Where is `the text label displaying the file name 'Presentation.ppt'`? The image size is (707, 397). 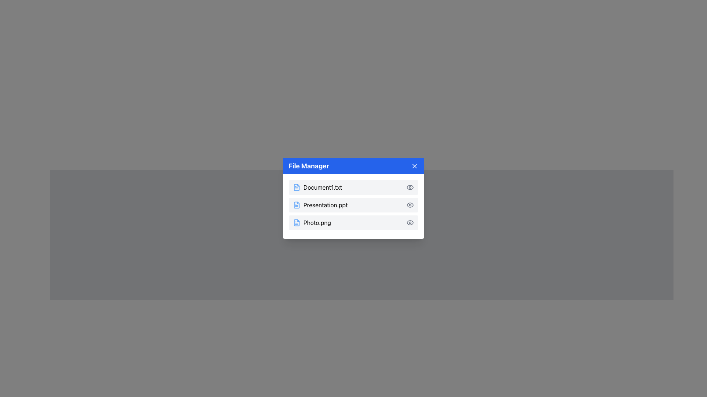 the text label displaying the file name 'Presentation.ppt' is located at coordinates (325, 205).